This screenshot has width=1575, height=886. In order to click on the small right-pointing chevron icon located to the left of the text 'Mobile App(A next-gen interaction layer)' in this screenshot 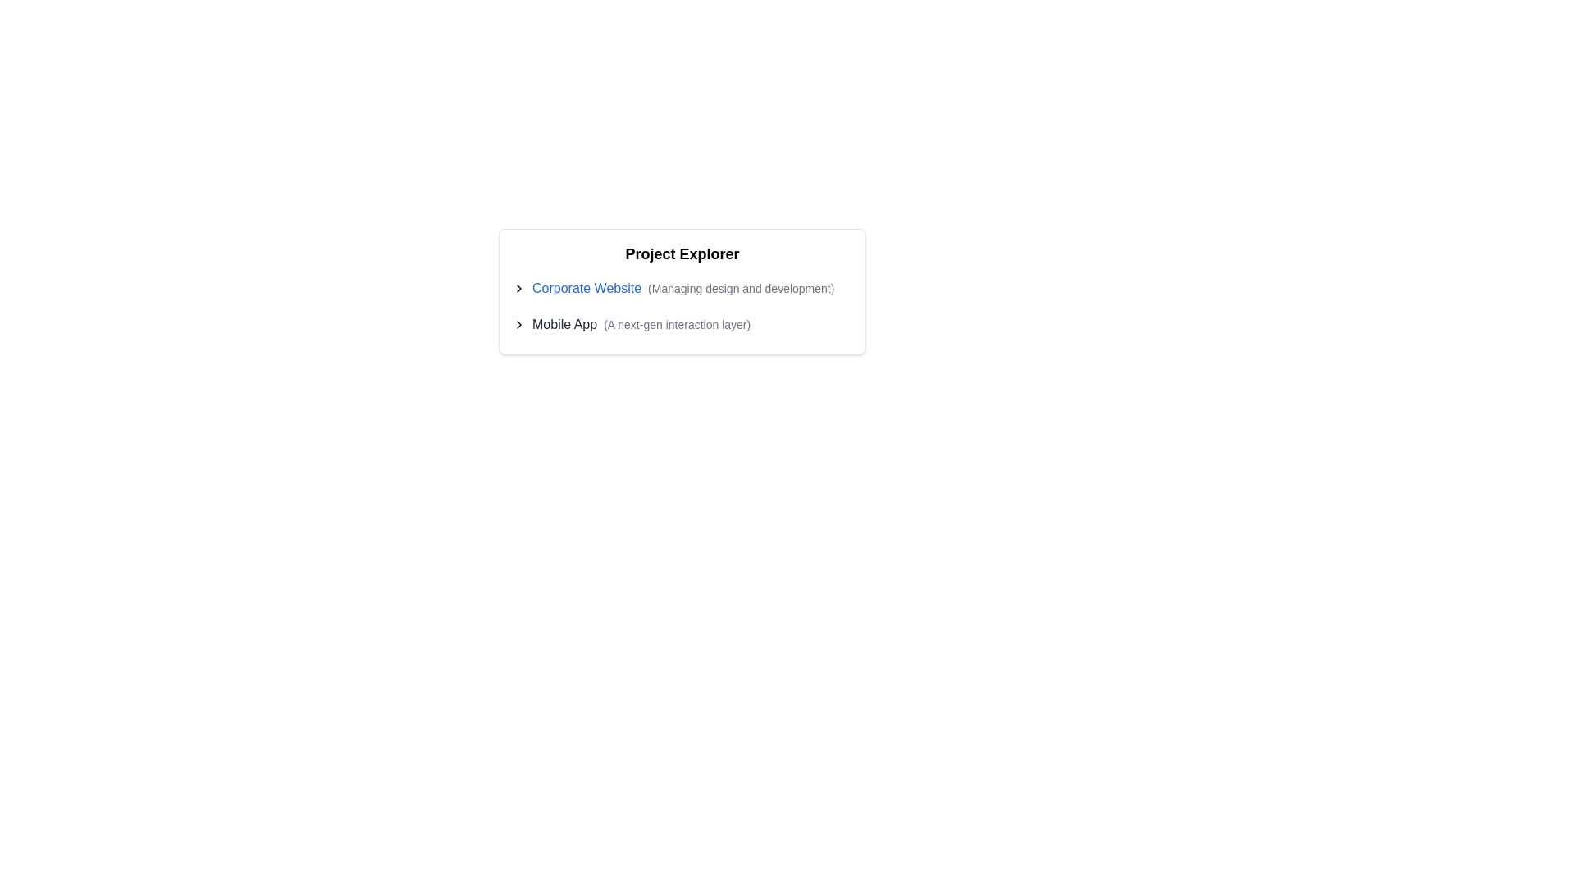, I will do `click(518, 325)`.